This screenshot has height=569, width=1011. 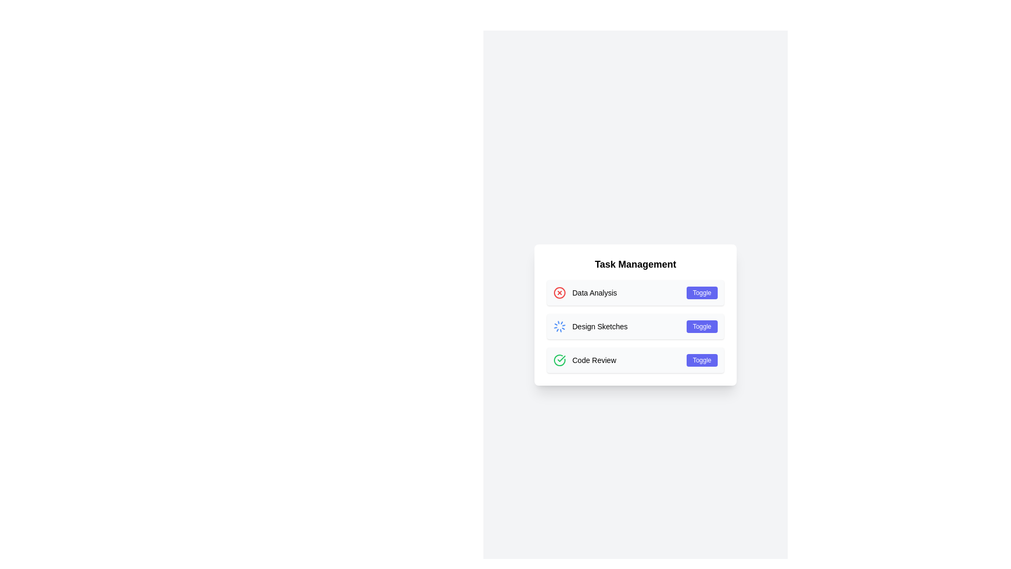 What do you see at coordinates (590, 326) in the screenshot?
I see `the 'Design Sketches' text label, which is the second item in the 'Task Management' list, adjacent to a spinning blue loader icon` at bounding box center [590, 326].